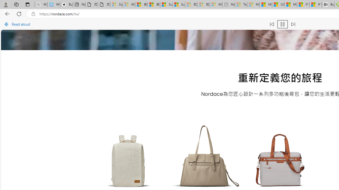  I want to click on 'Marine life - MSN - Sleeping', so click(253, 4).